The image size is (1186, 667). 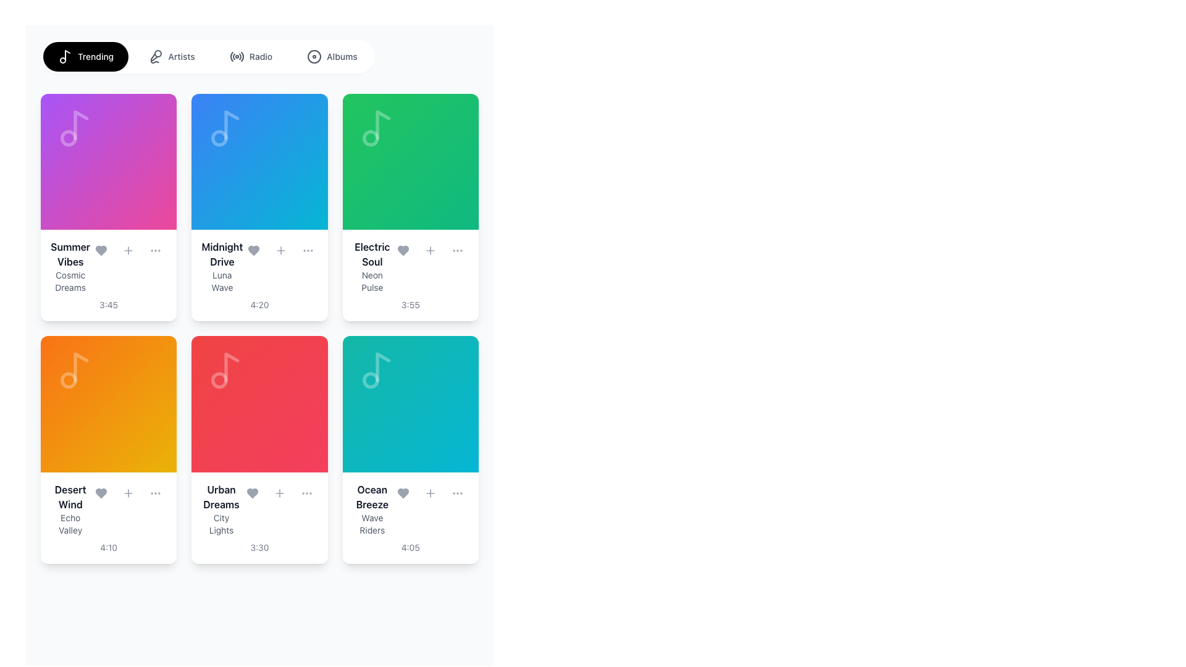 What do you see at coordinates (68, 138) in the screenshot?
I see `the graphical circle element within the SVG that enhances the musical note icon on the 'Summer Vibes' card` at bounding box center [68, 138].